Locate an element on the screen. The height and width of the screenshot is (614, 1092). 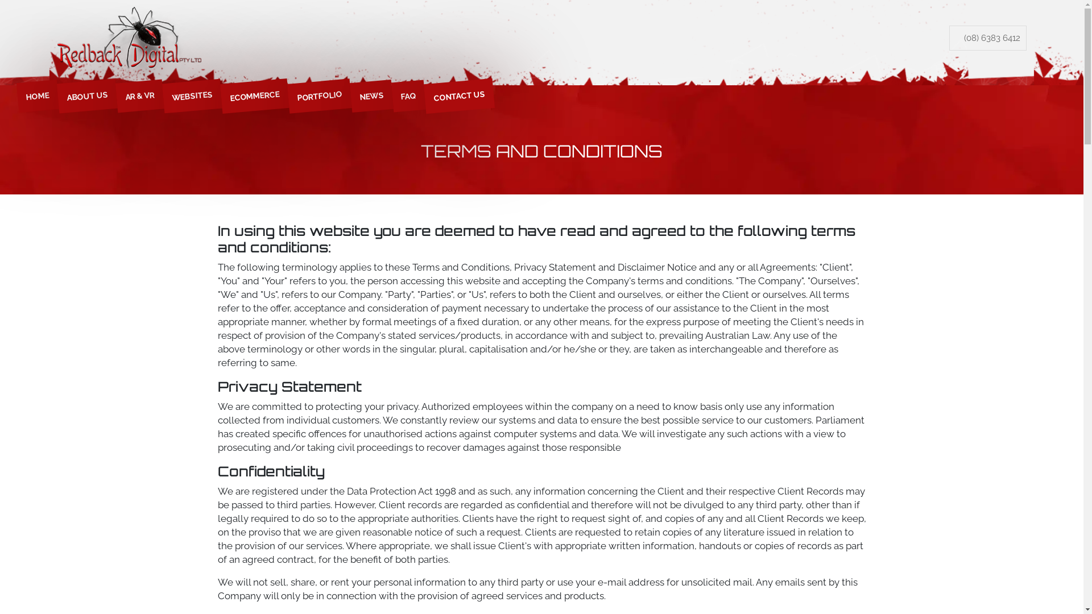
'(08) 6383 6412' is located at coordinates (987, 37).